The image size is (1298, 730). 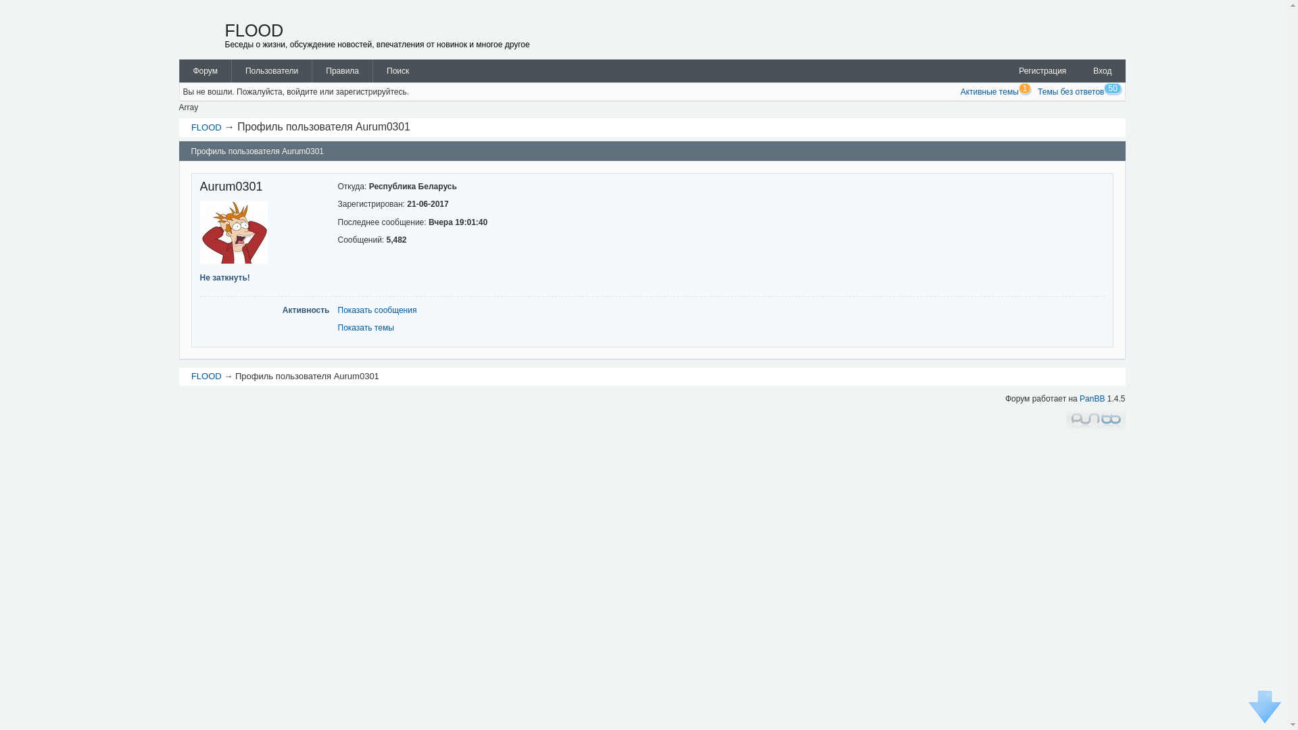 I want to click on 'FLOOD', so click(x=191, y=127).